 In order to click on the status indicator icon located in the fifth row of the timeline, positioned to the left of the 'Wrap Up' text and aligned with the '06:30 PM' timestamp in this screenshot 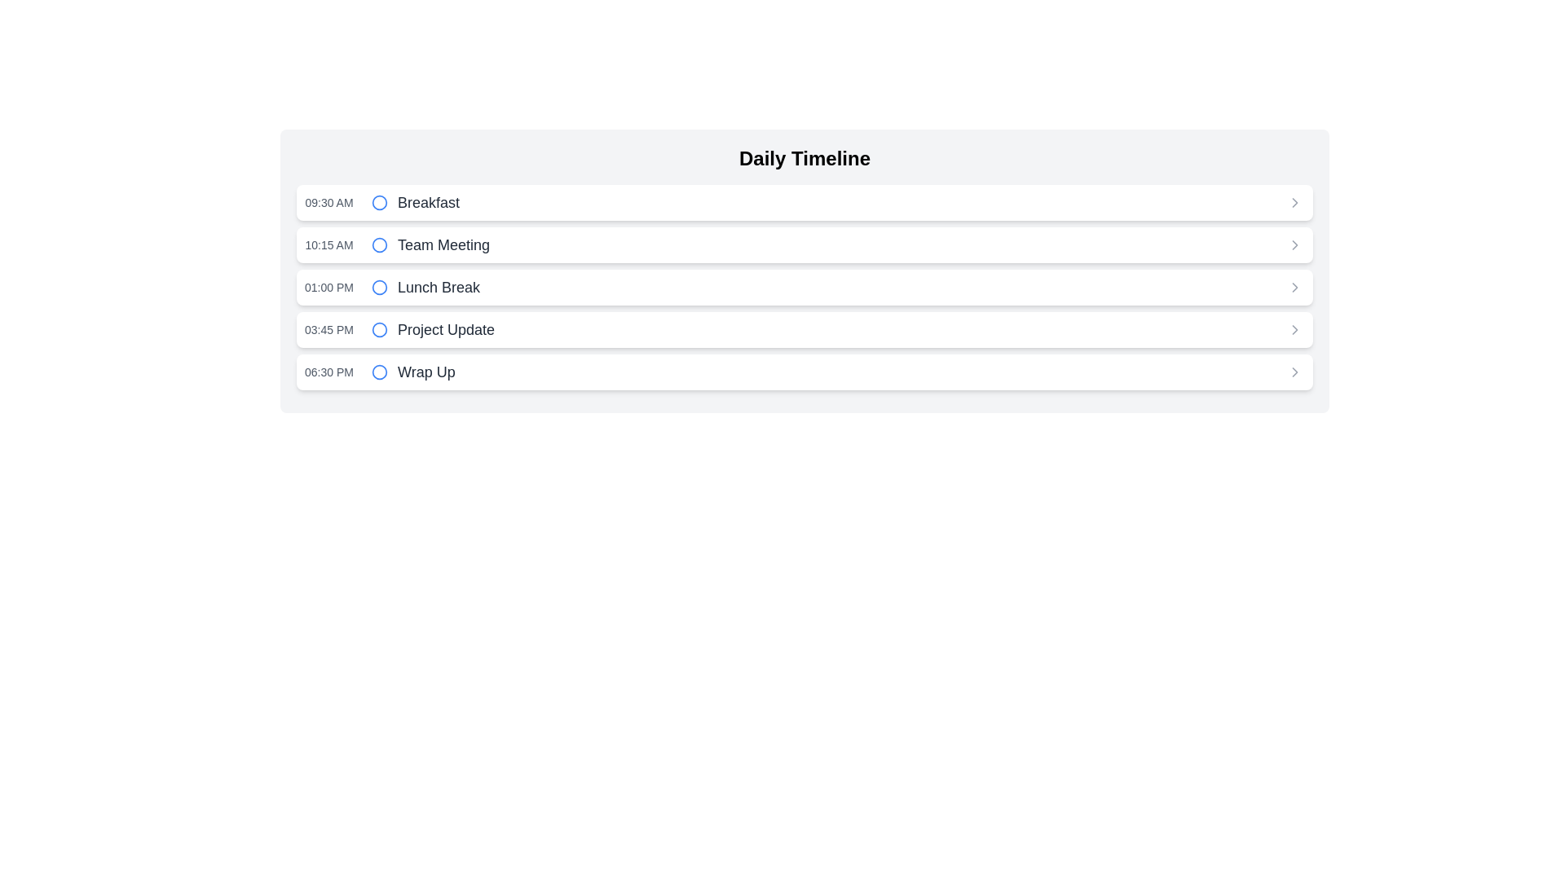, I will do `click(378, 372)`.